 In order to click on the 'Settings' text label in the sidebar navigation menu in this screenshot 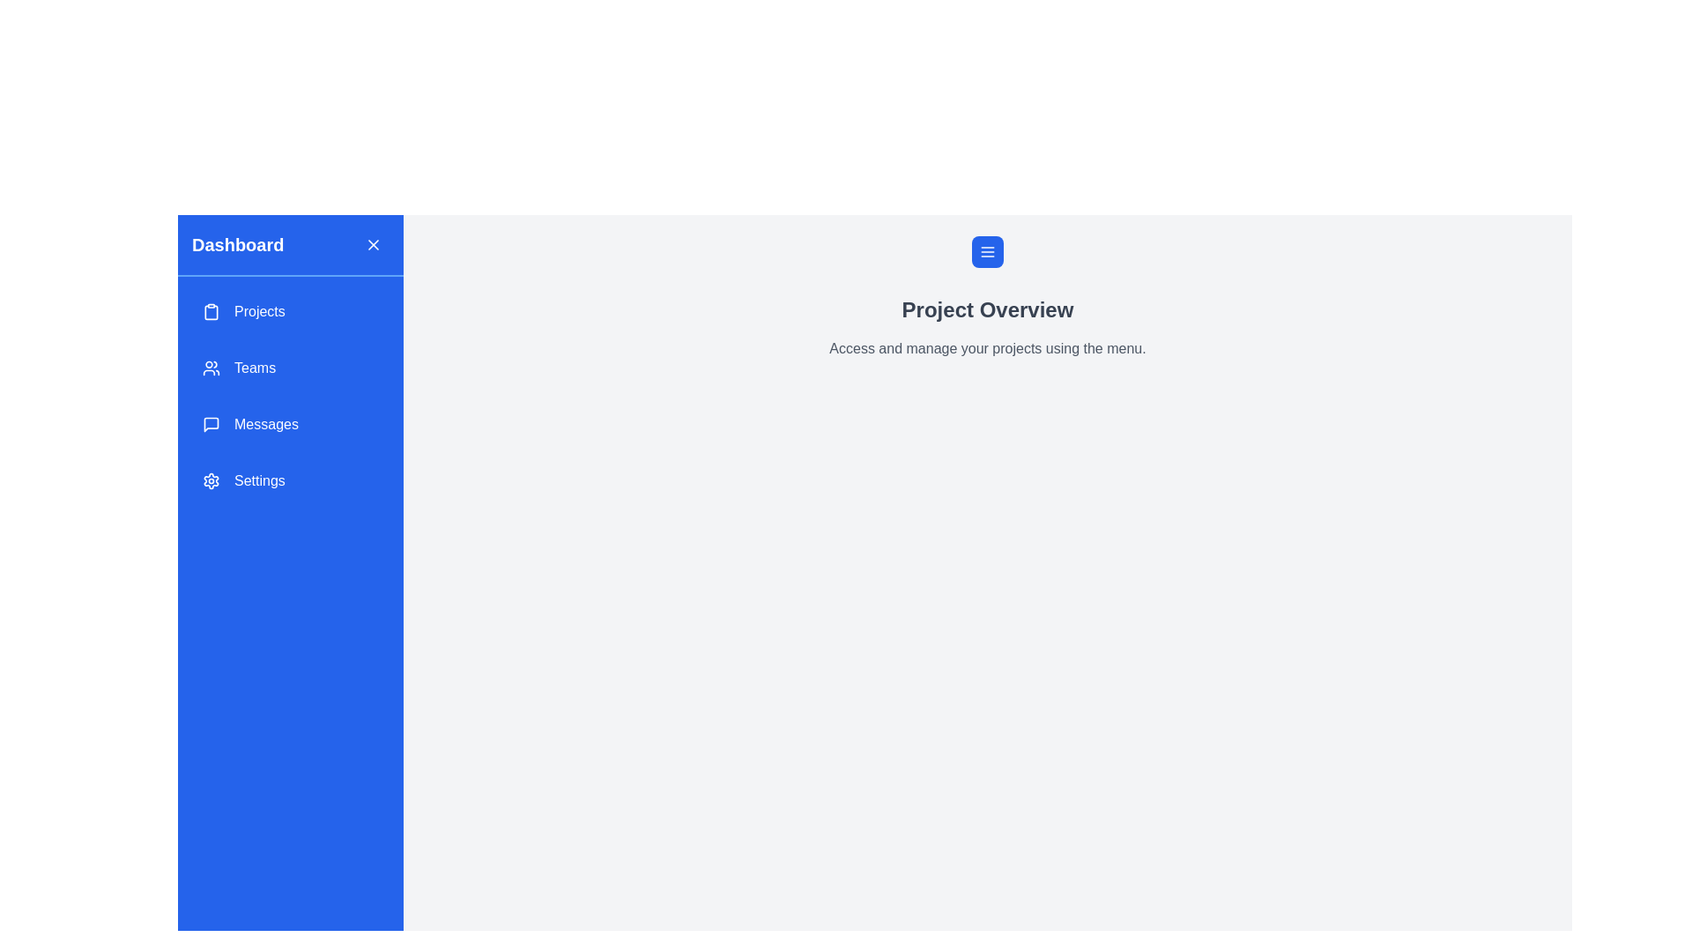, I will do `click(258, 481)`.